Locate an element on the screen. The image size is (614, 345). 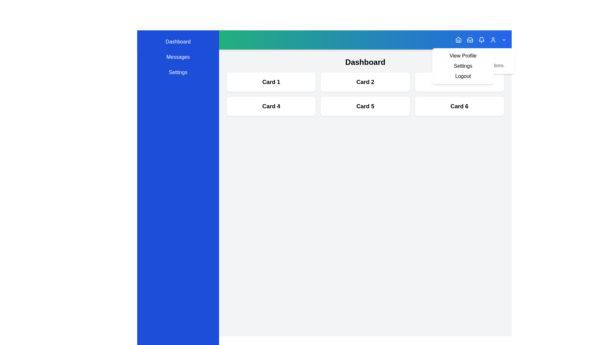
descriptive label contained within the card positioned in the second row, left side, beneath 'Card 1' and to the left of 'Card 5' is located at coordinates (271, 106).